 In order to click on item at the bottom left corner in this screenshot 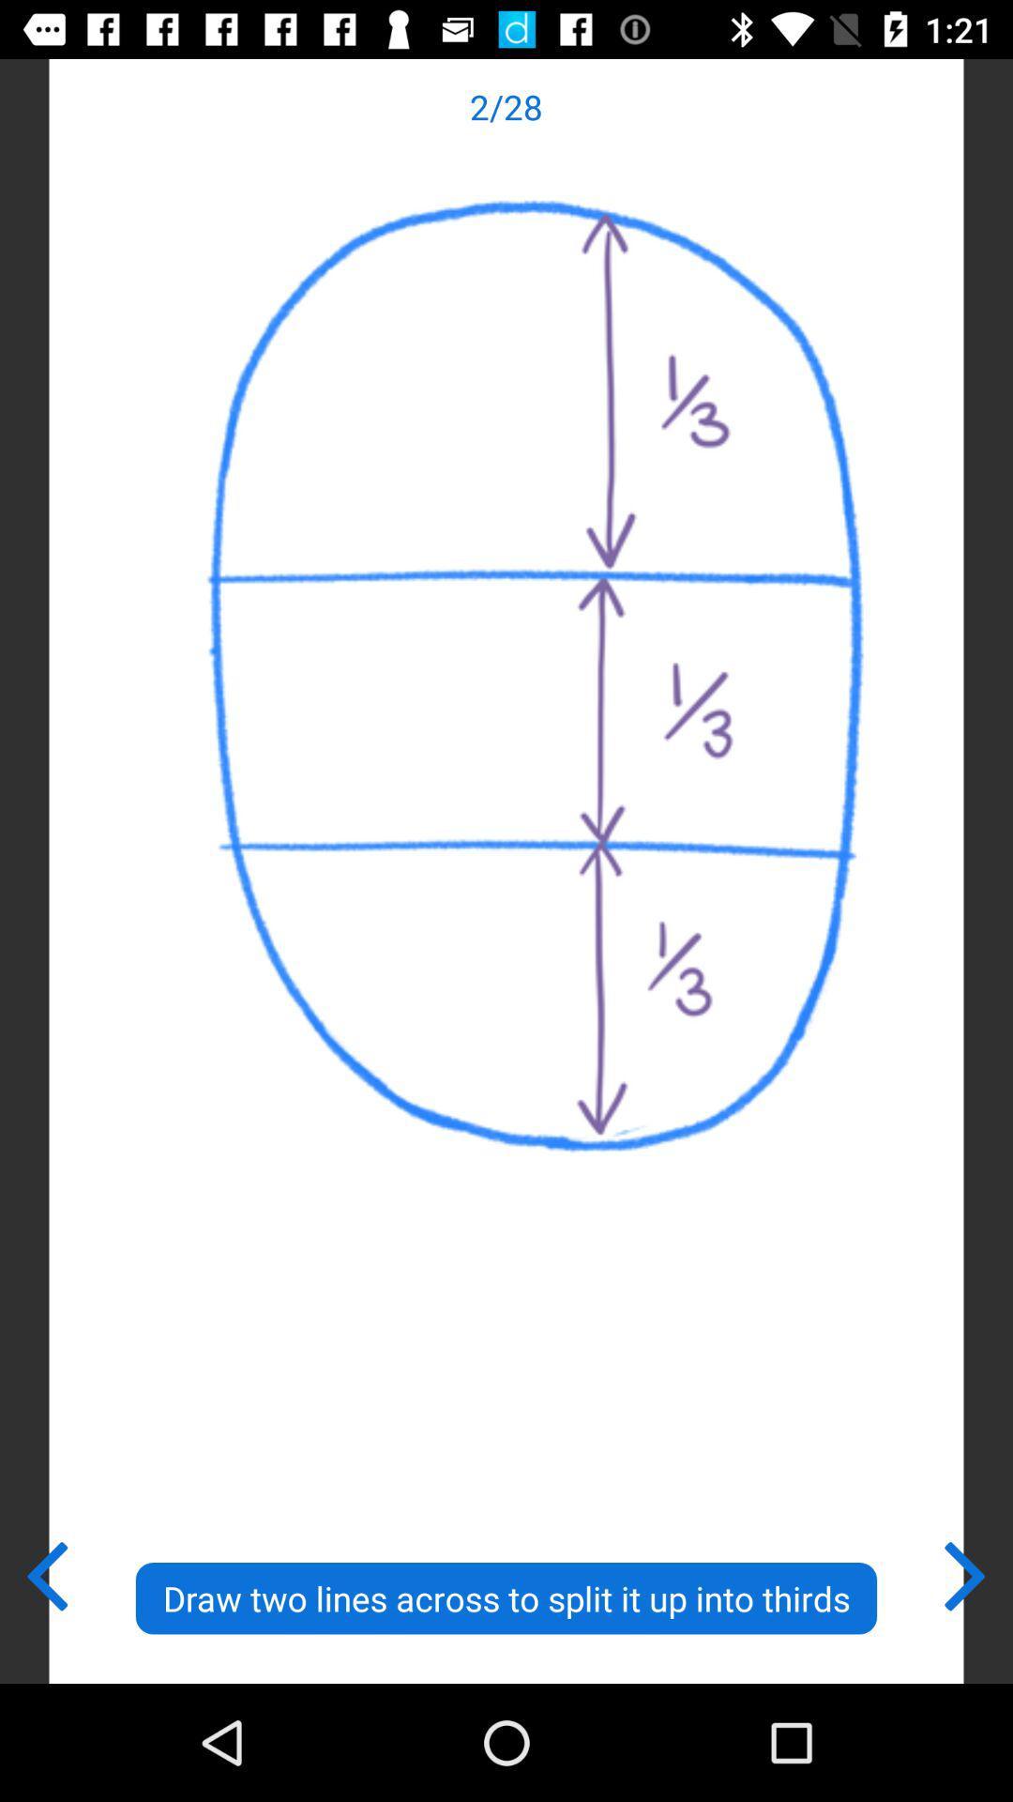, I will do `click(45, 1572)`.